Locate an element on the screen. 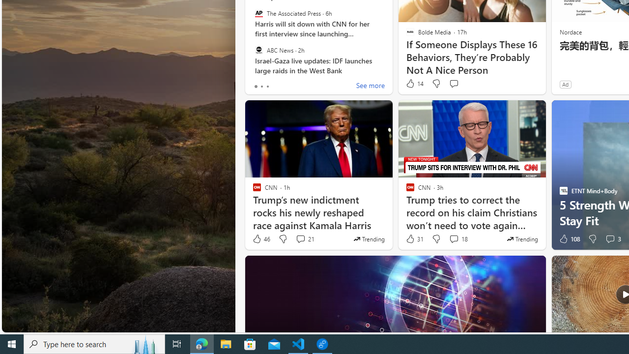 Image resolution: width=629 pixels, height=354 pixels. 'View comments 21 Comment' is located at coordinates (304, 239).